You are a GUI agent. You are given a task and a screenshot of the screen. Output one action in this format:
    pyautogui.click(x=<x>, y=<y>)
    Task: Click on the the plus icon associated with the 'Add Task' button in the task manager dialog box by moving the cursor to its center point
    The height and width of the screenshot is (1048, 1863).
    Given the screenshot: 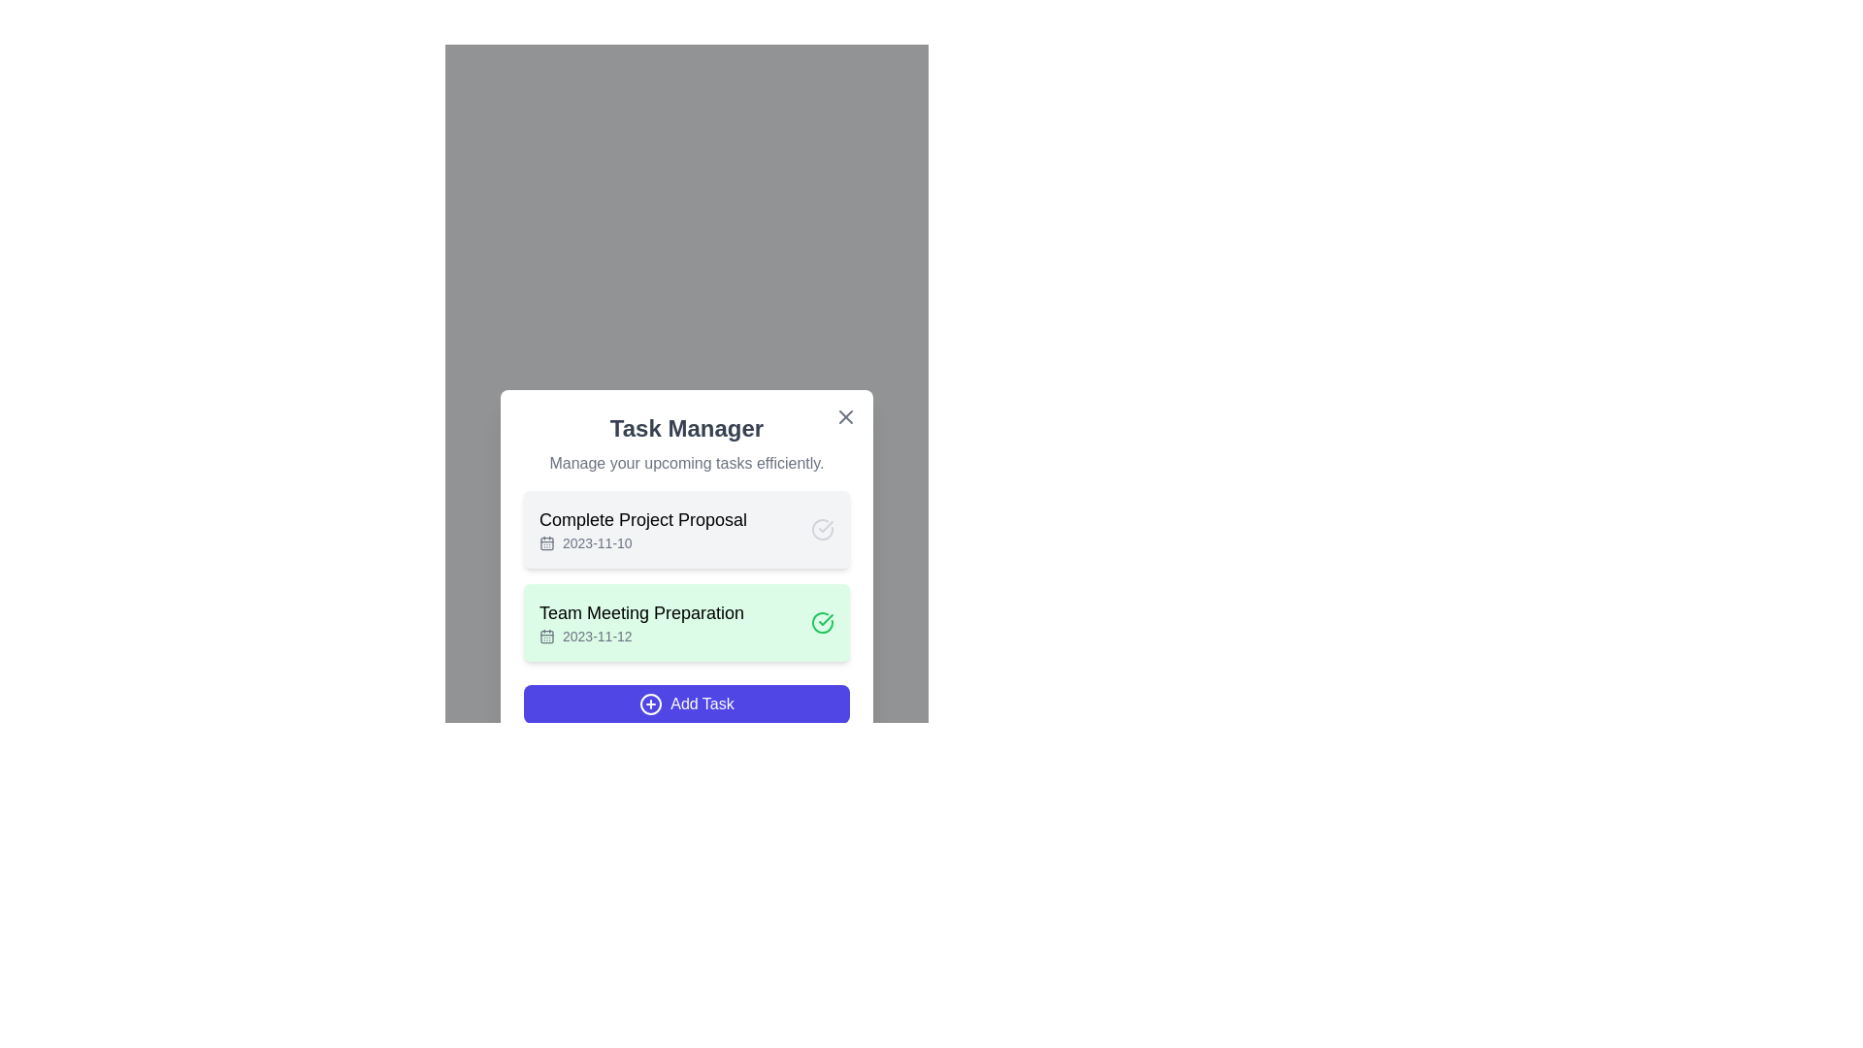 What is the action you would take?
    pyautogui.click(x=651, y=704)
    